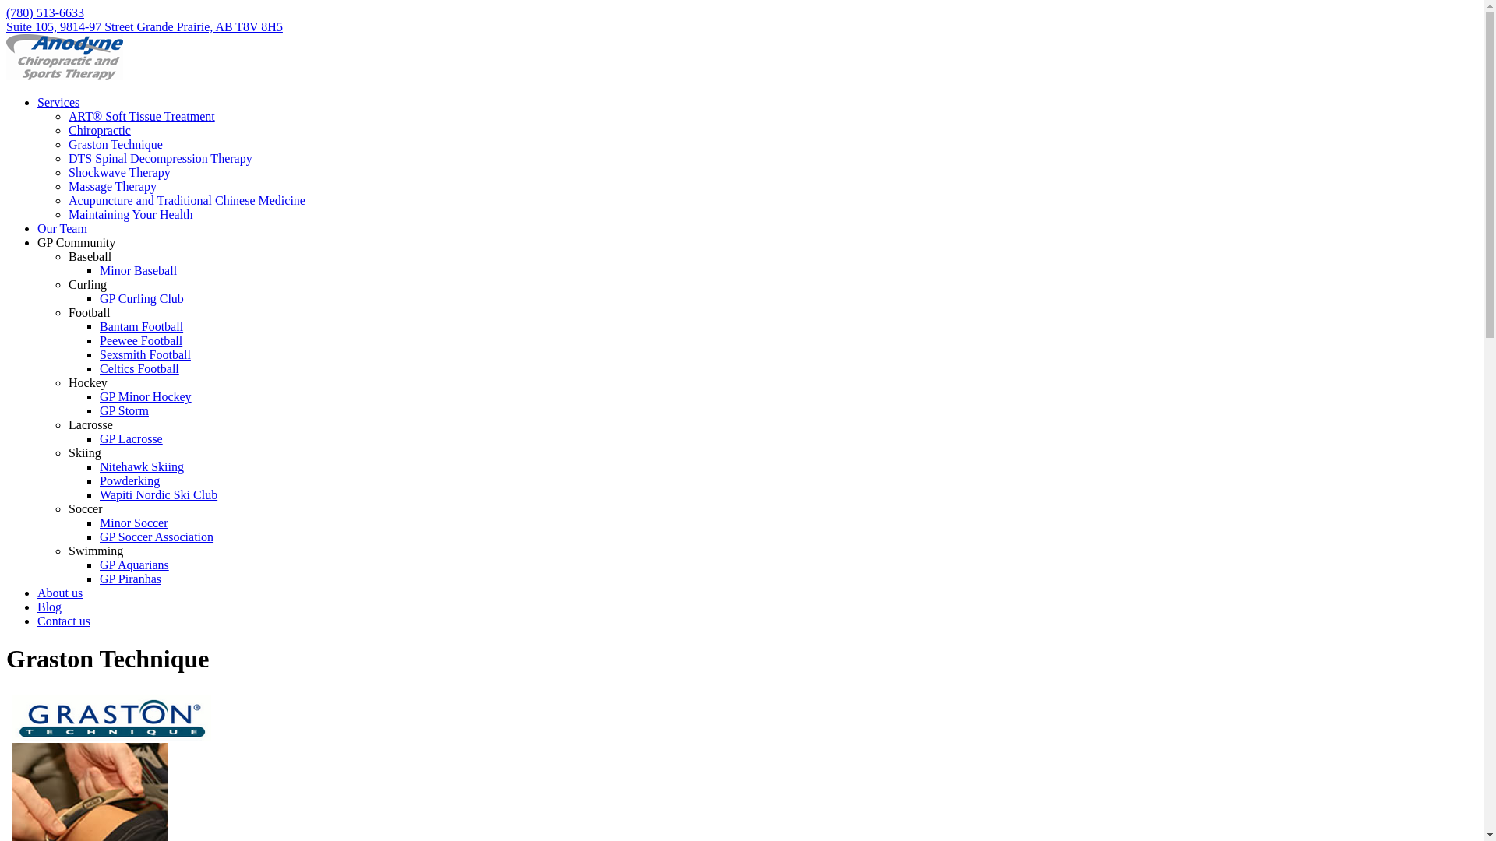 The image size is (1496, 841). What do you see at coordinates (134, 523) in the screenshot?
I see `'Minor Soccer'` at bounding box center [134, 523].